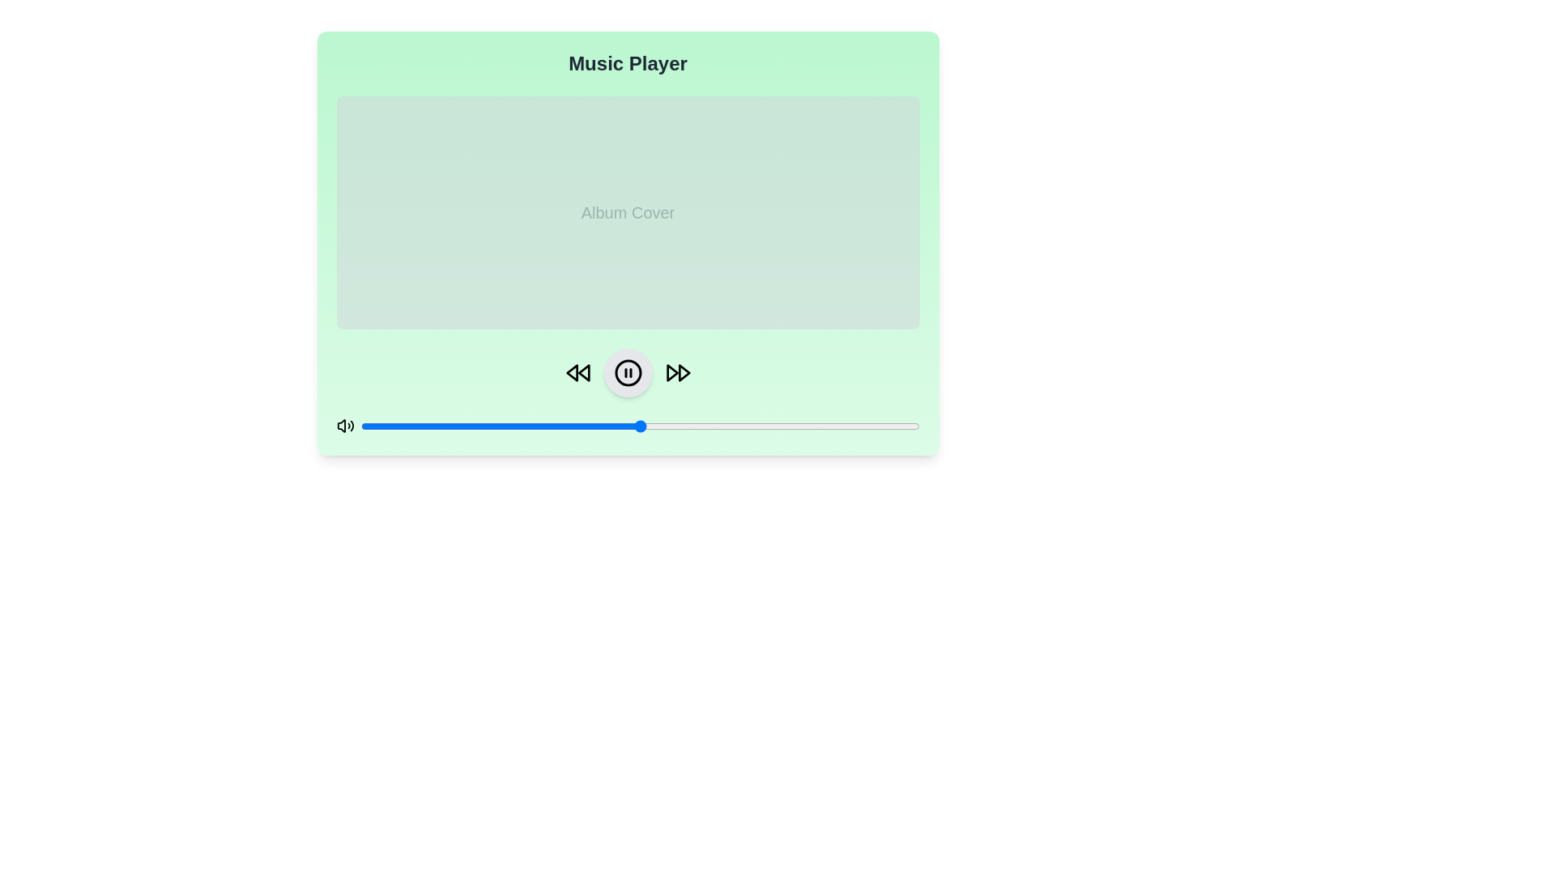  What do you see at coordinates (627, 373) in the screenshot?
I see `the outermost circular shape of the play/pause button in the music player interface` at bounding box center [627, 373].